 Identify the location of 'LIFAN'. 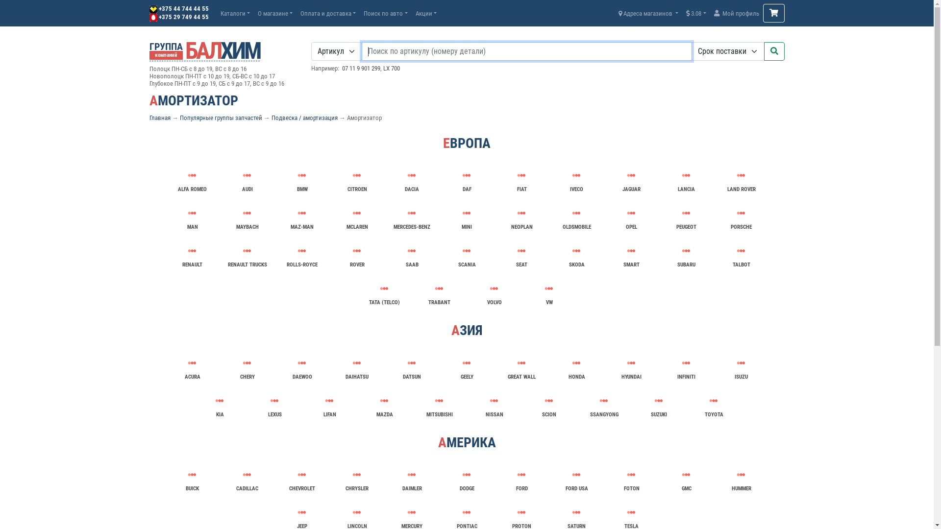
(329, 400).